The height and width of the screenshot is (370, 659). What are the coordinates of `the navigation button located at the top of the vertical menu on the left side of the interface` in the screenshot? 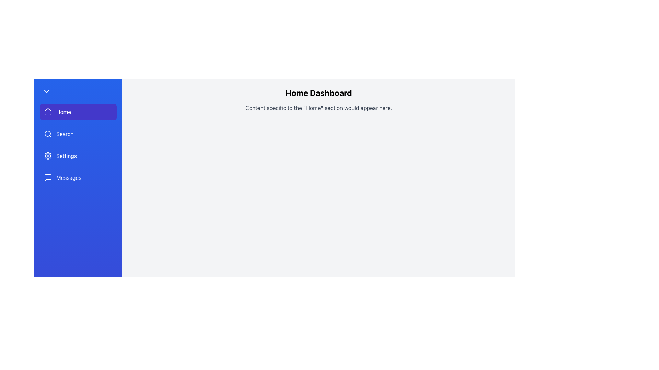 It's located at (78, 112).